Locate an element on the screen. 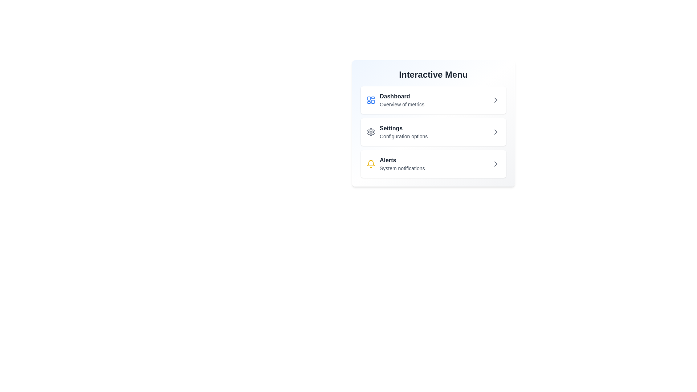 Image resolution: width=697 pixels, height=392 pixels. the 'Settings' card, which is the middle card in the vertical stack of three cards in the 'Interactive Menu' section is located at coordinates (433, 123).